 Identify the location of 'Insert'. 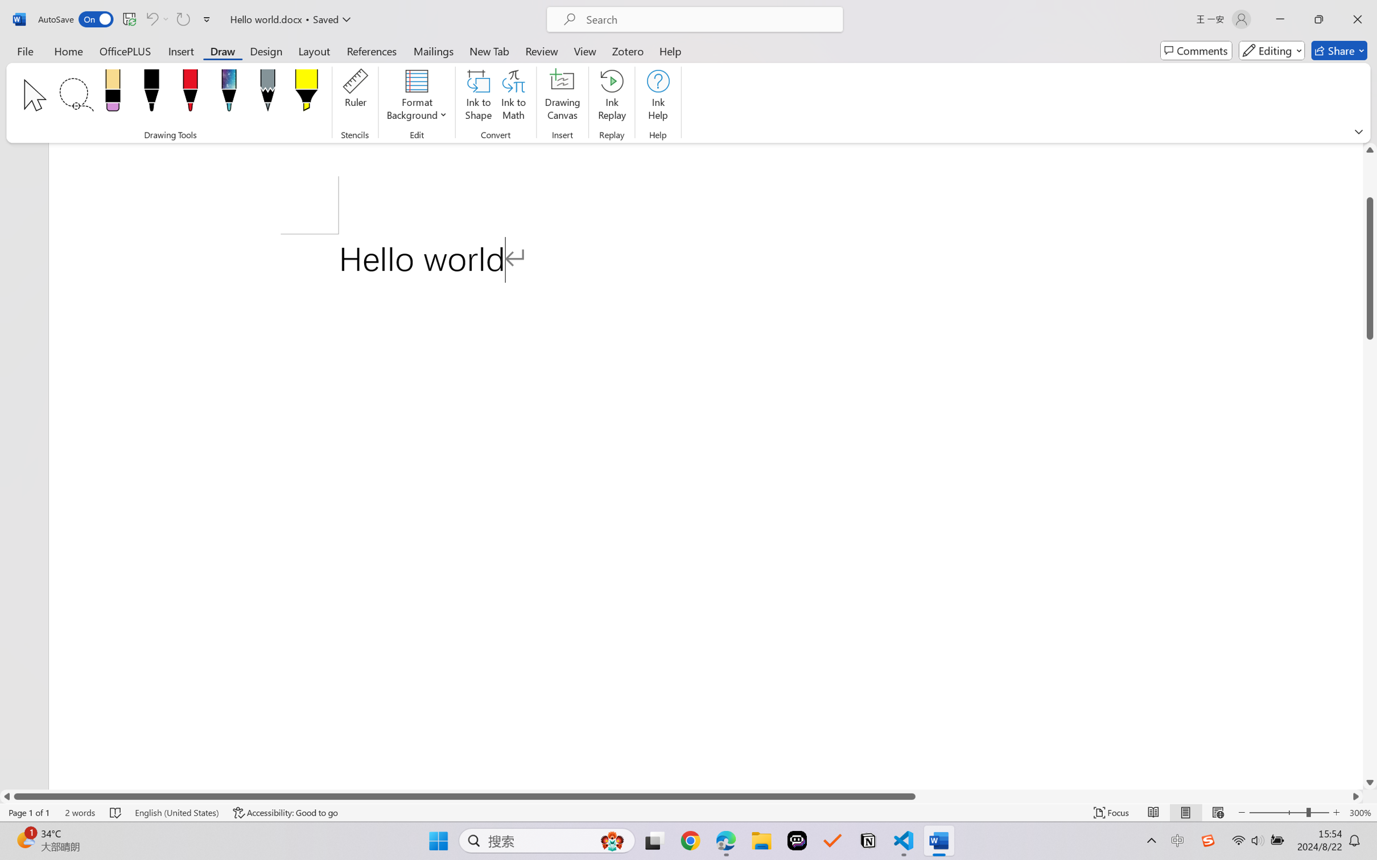
(180, 50).